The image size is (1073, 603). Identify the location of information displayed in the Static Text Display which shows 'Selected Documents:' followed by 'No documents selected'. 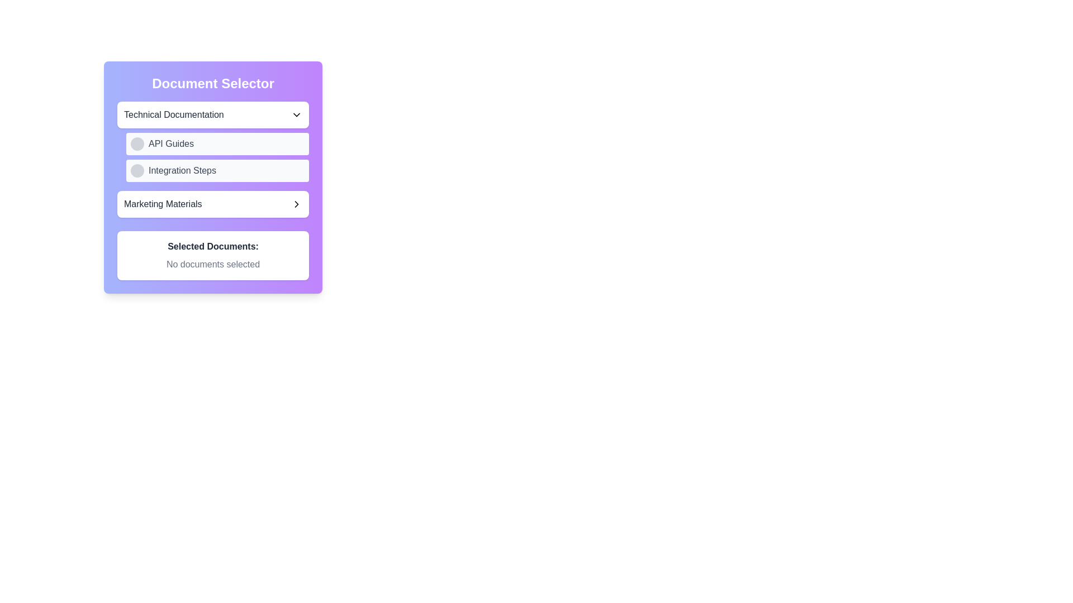
(213, 256).